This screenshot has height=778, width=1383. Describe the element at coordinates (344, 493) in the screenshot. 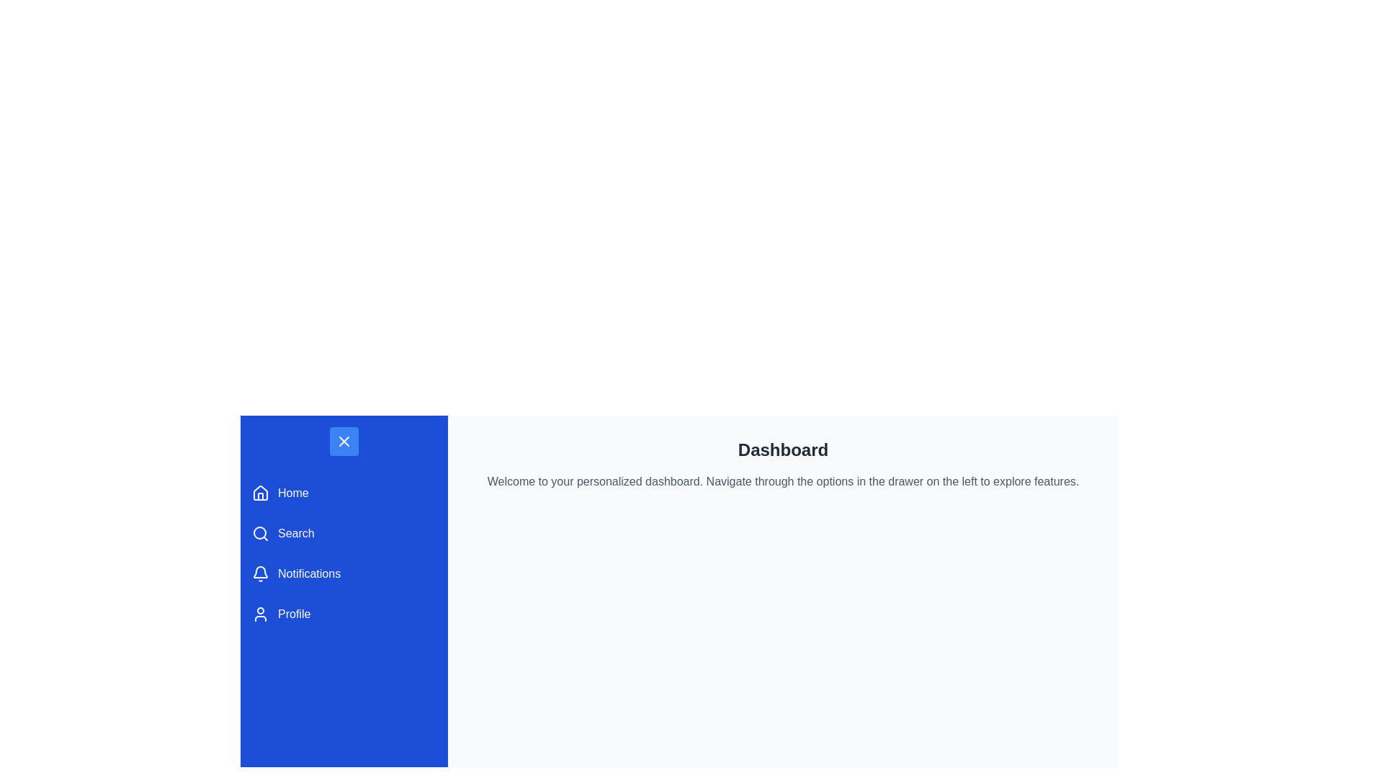

I see `the navigation button at the top of the menu to change its appearance` at that location.